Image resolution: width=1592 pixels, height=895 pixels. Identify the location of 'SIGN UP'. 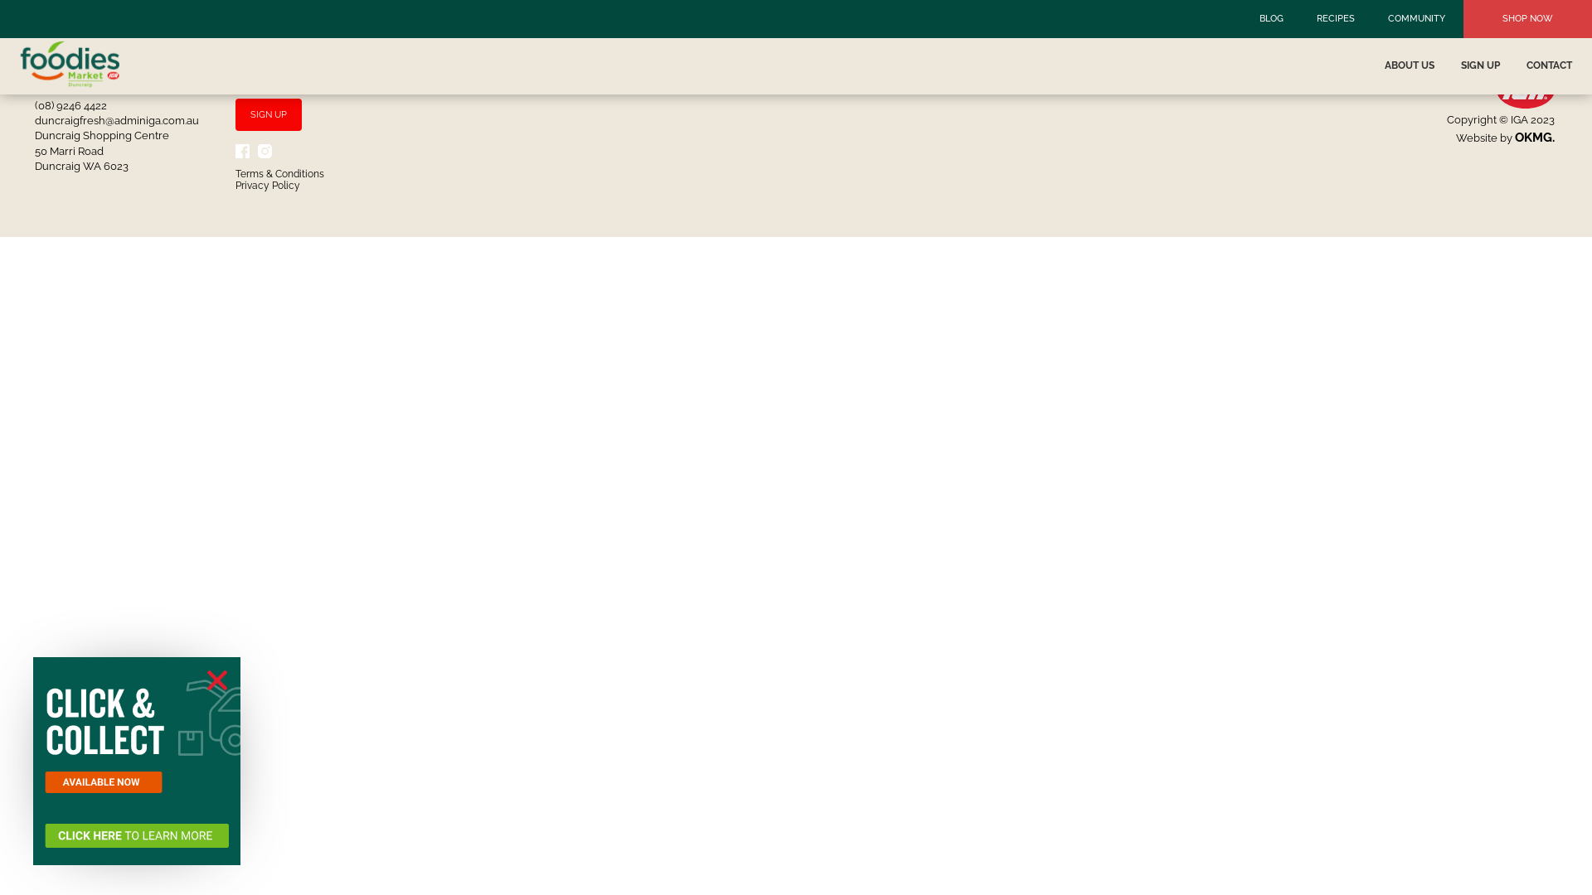
(1480, 64).